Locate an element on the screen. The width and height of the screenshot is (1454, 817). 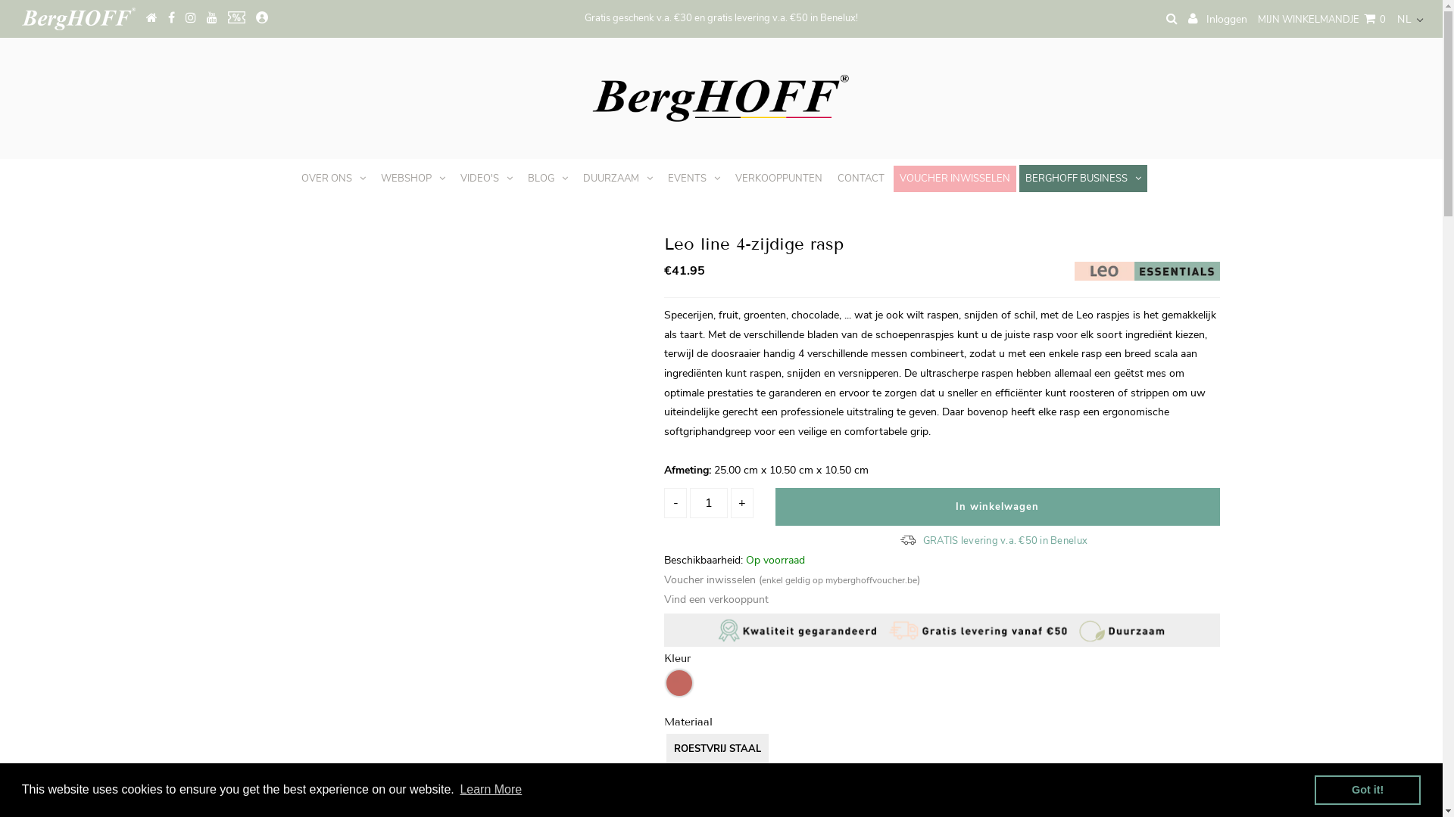
'Learn More' is located at coordinates (491, 789).